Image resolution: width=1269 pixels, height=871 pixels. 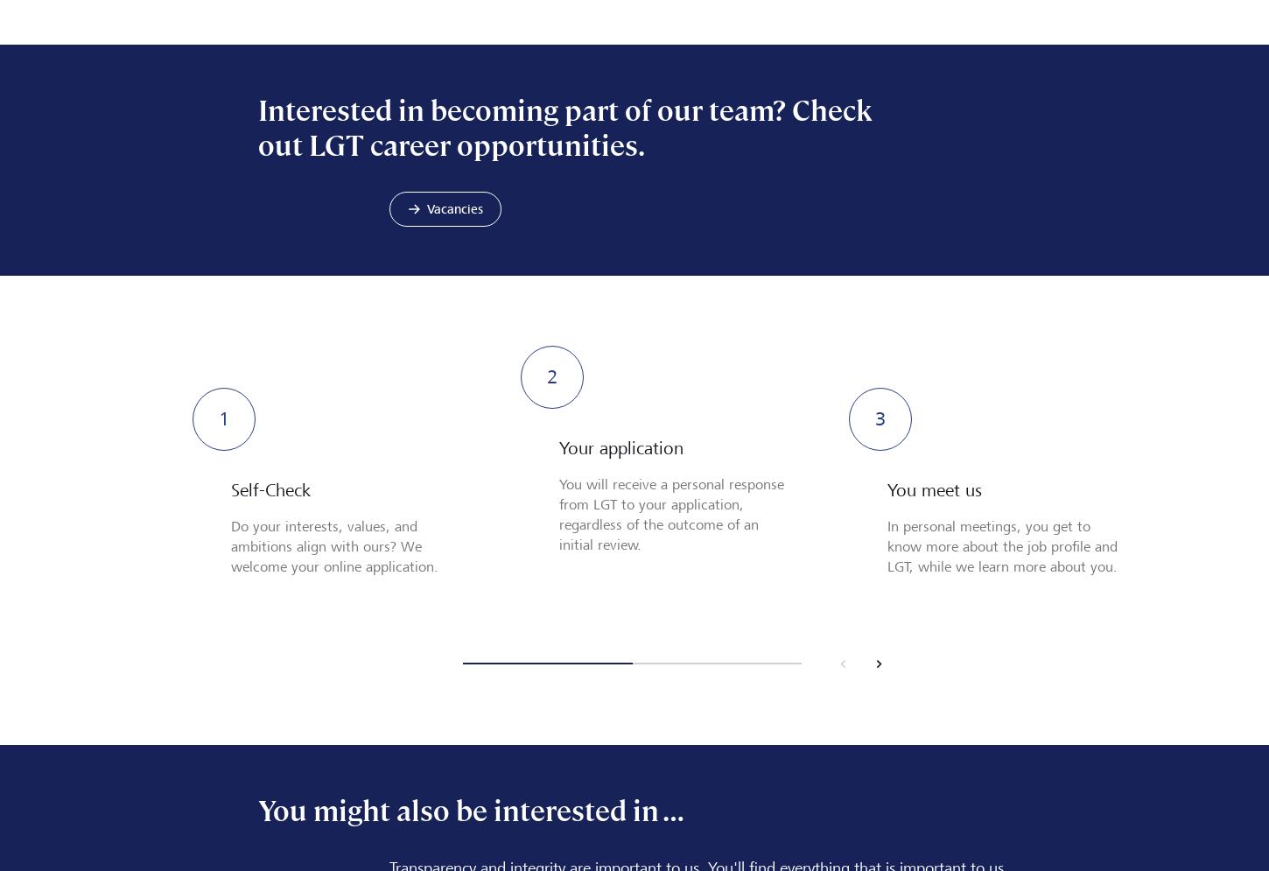 I want to click on 'You meet us', so click(x=887, y=488).